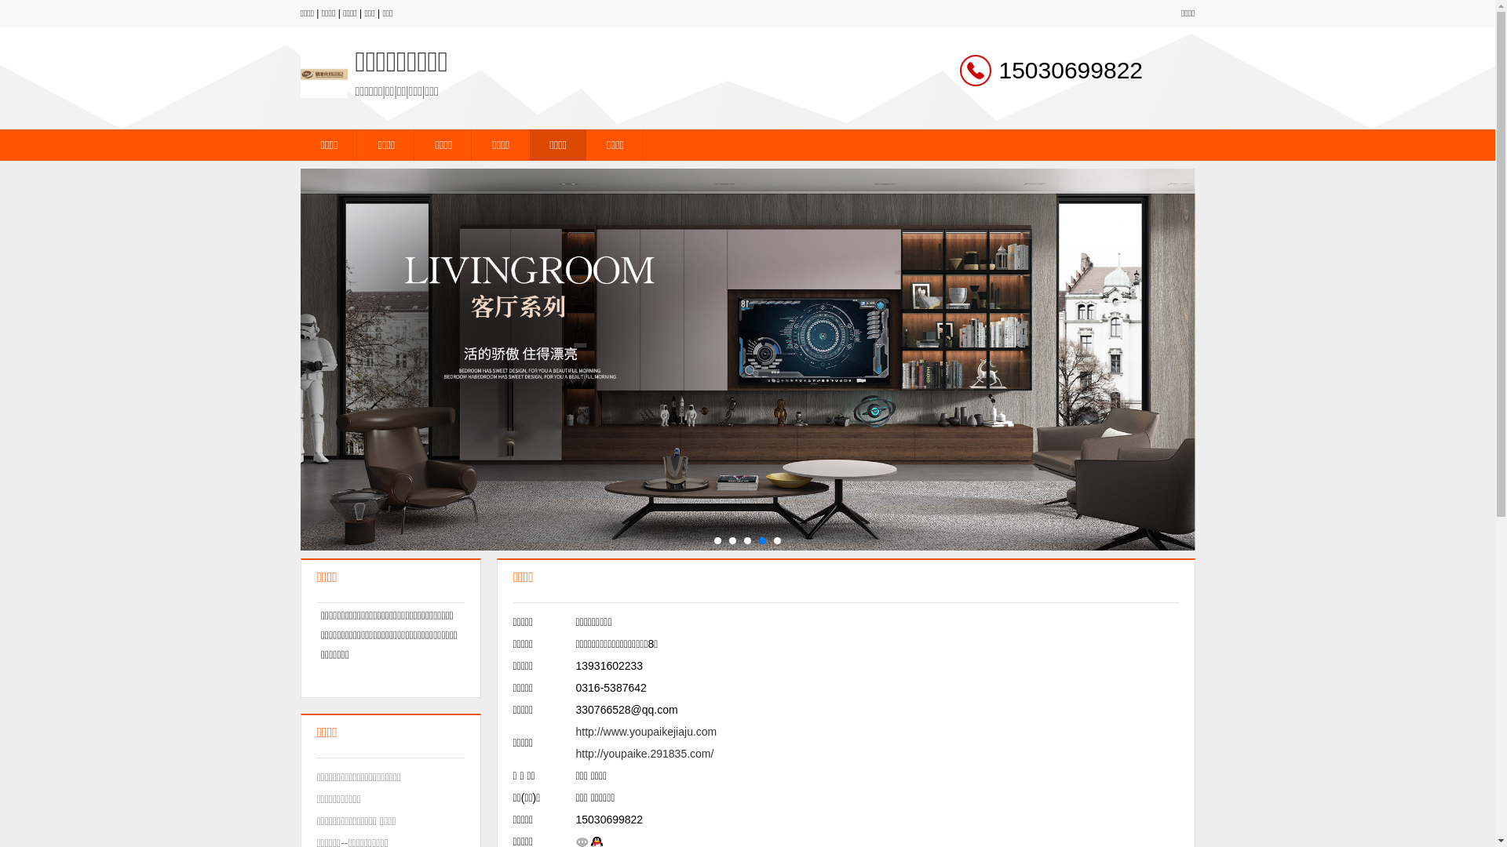 The image size is (1507, 847). Describe the element at coordinates (647, 732) in the screenshot. I see `'http://www.youpaikejiaju.com'` at that location.